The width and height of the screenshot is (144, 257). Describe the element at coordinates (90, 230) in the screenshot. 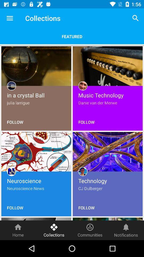

I see `item to the right of the collections item` at that location.